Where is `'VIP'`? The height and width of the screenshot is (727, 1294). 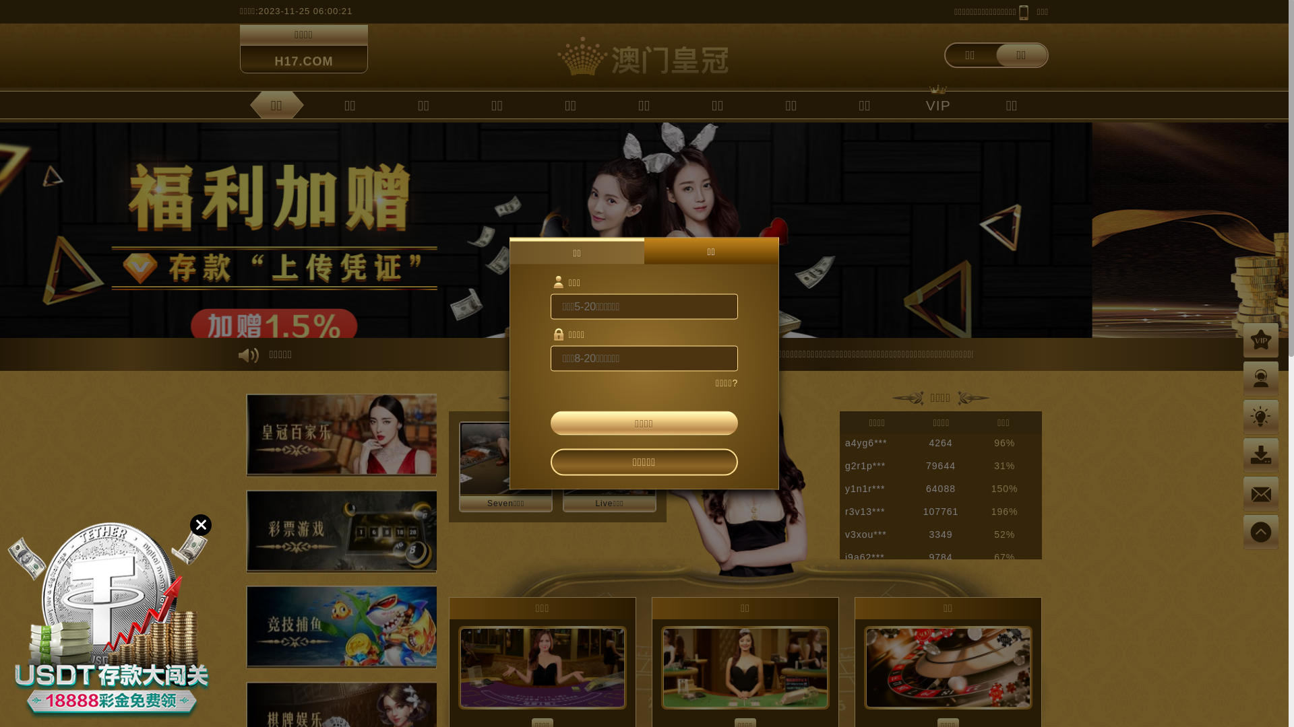
'VIP' is located at coordinates (937, 104).